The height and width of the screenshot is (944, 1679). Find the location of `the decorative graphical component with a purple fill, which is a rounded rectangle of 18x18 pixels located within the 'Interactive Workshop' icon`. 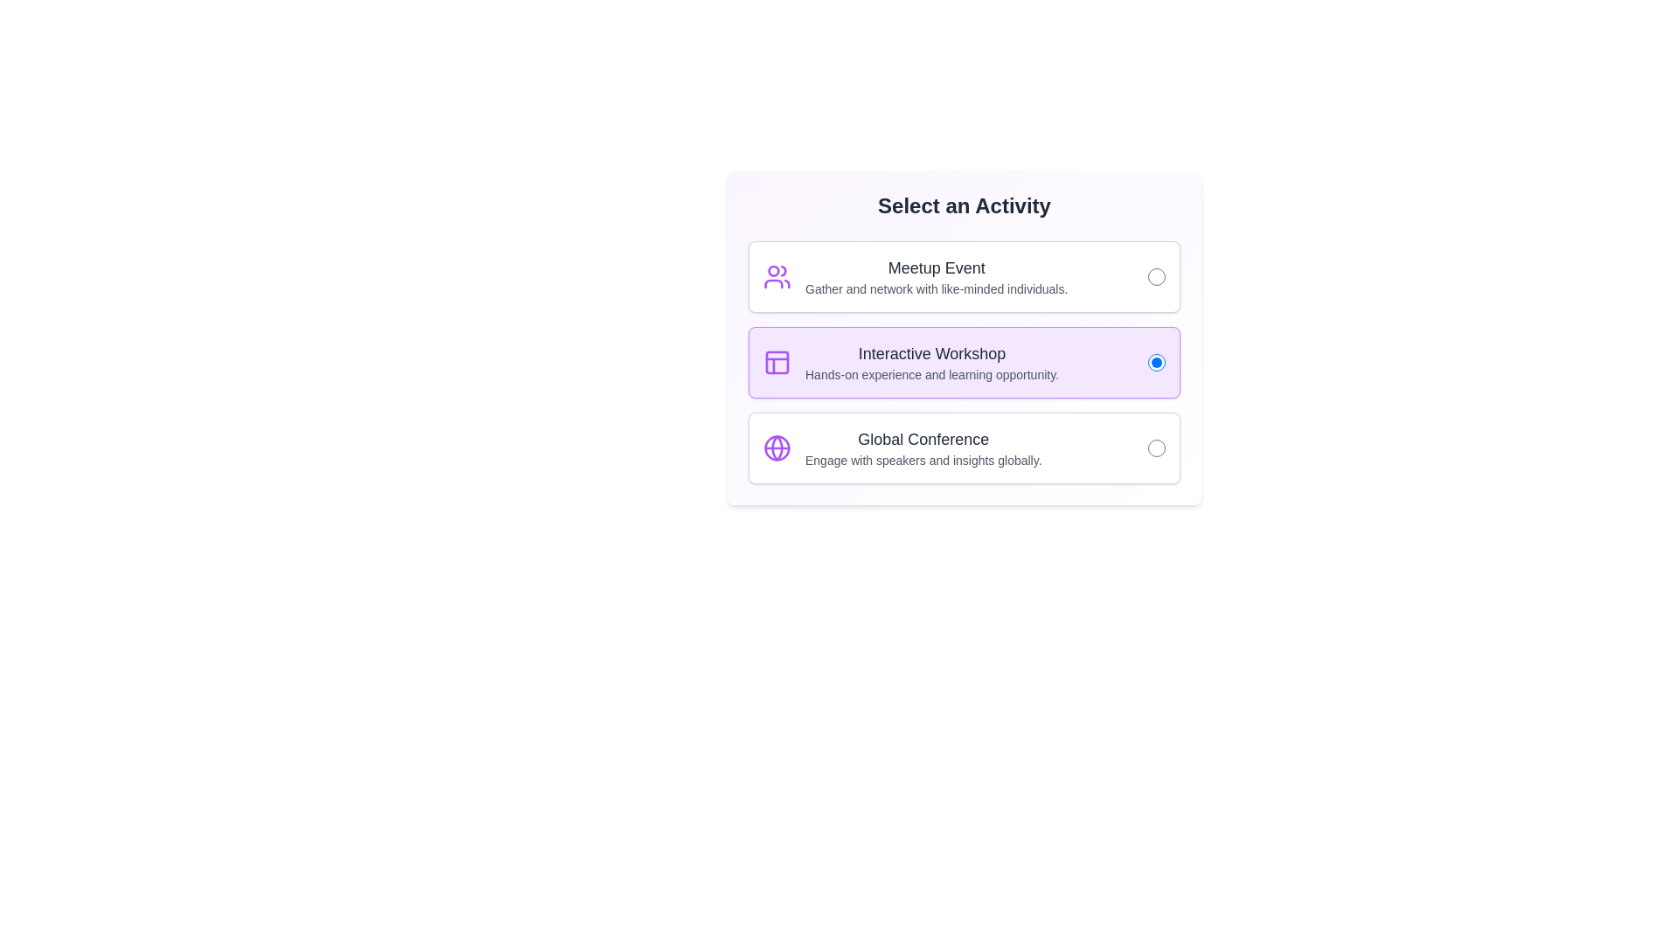

the decorative graphical component with a purple fill, which is a rounded rectangle of 18x18 pixels located within the 'Interactive Workshop' icon is located at coordinates (776, 362).